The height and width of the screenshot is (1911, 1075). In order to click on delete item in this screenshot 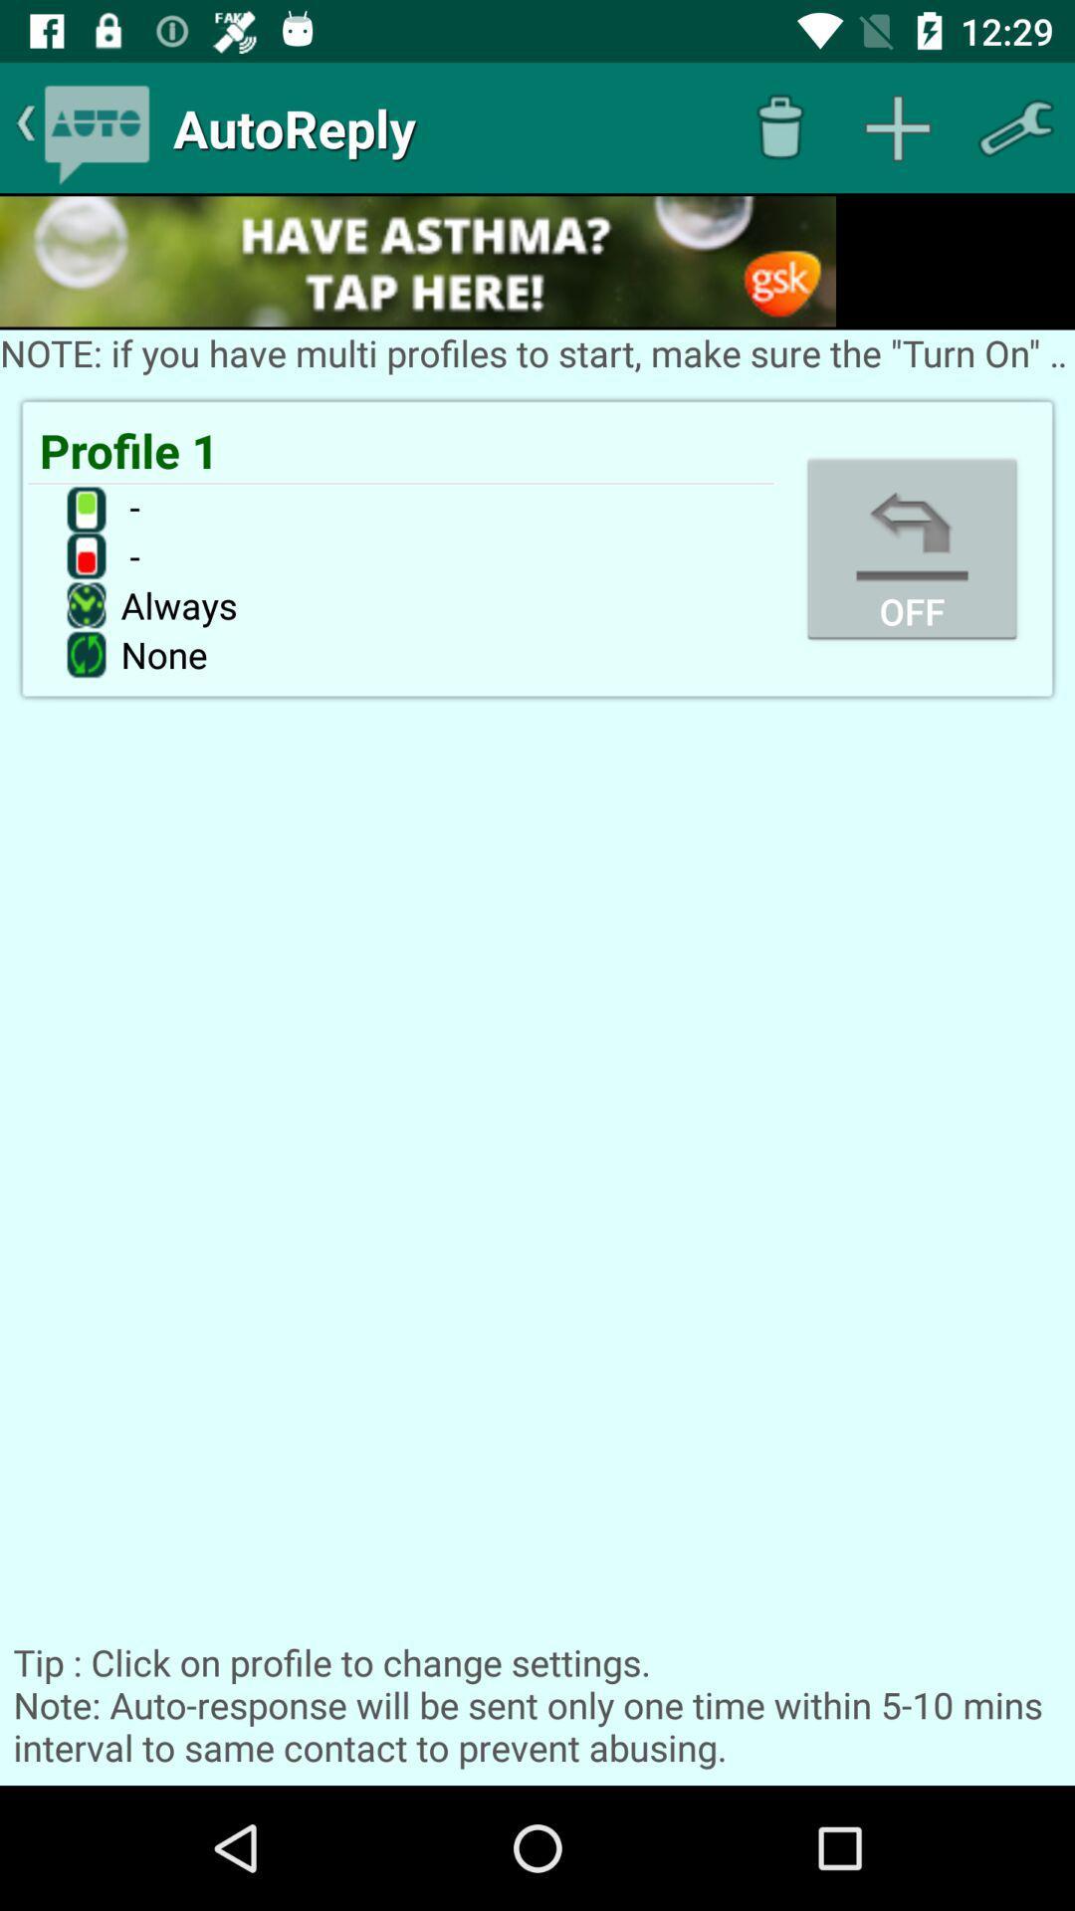, I will do `click(778, 126)`.